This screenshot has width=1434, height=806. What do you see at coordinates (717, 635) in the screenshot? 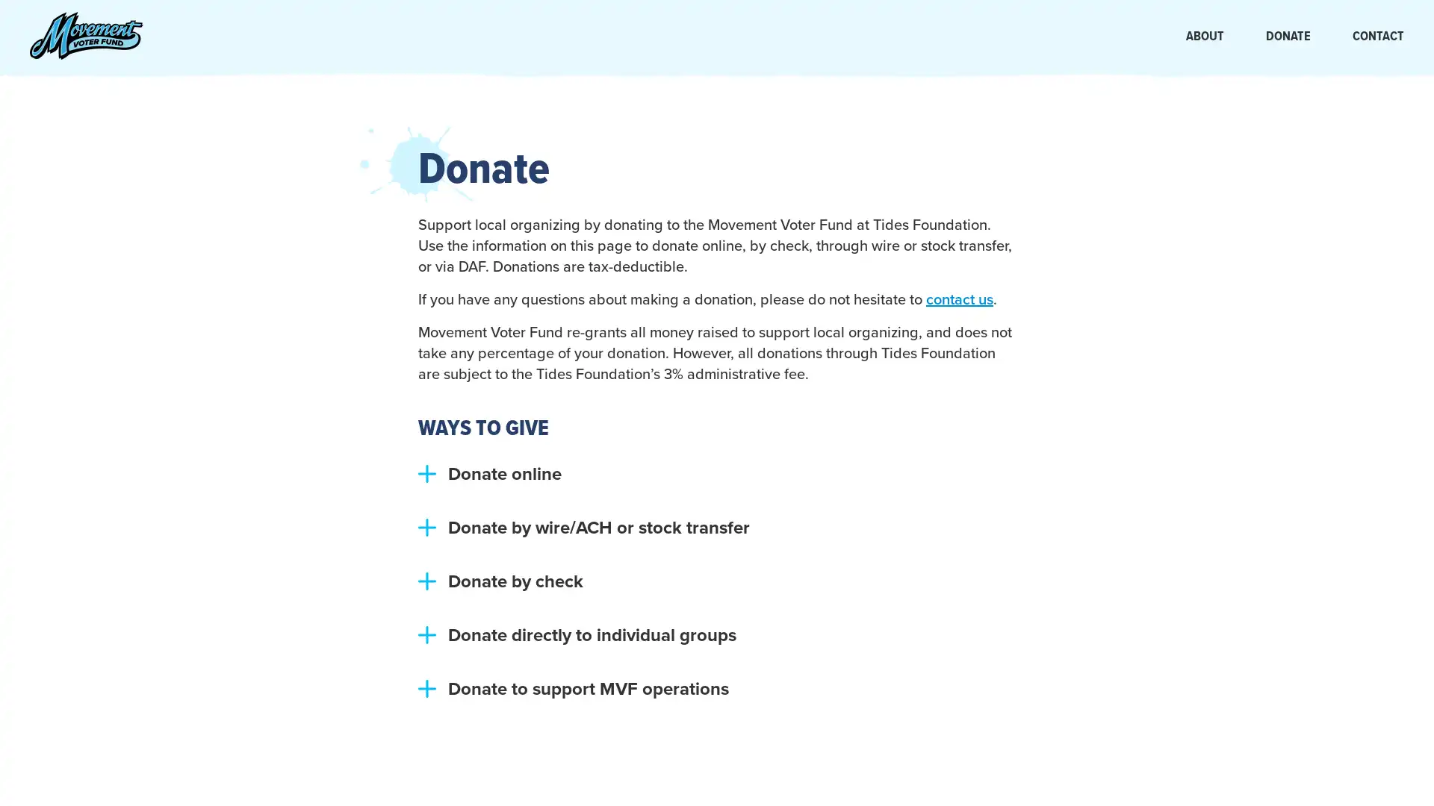
I see `plus Donate directly to individual groups` at bounding box center [717, 635].